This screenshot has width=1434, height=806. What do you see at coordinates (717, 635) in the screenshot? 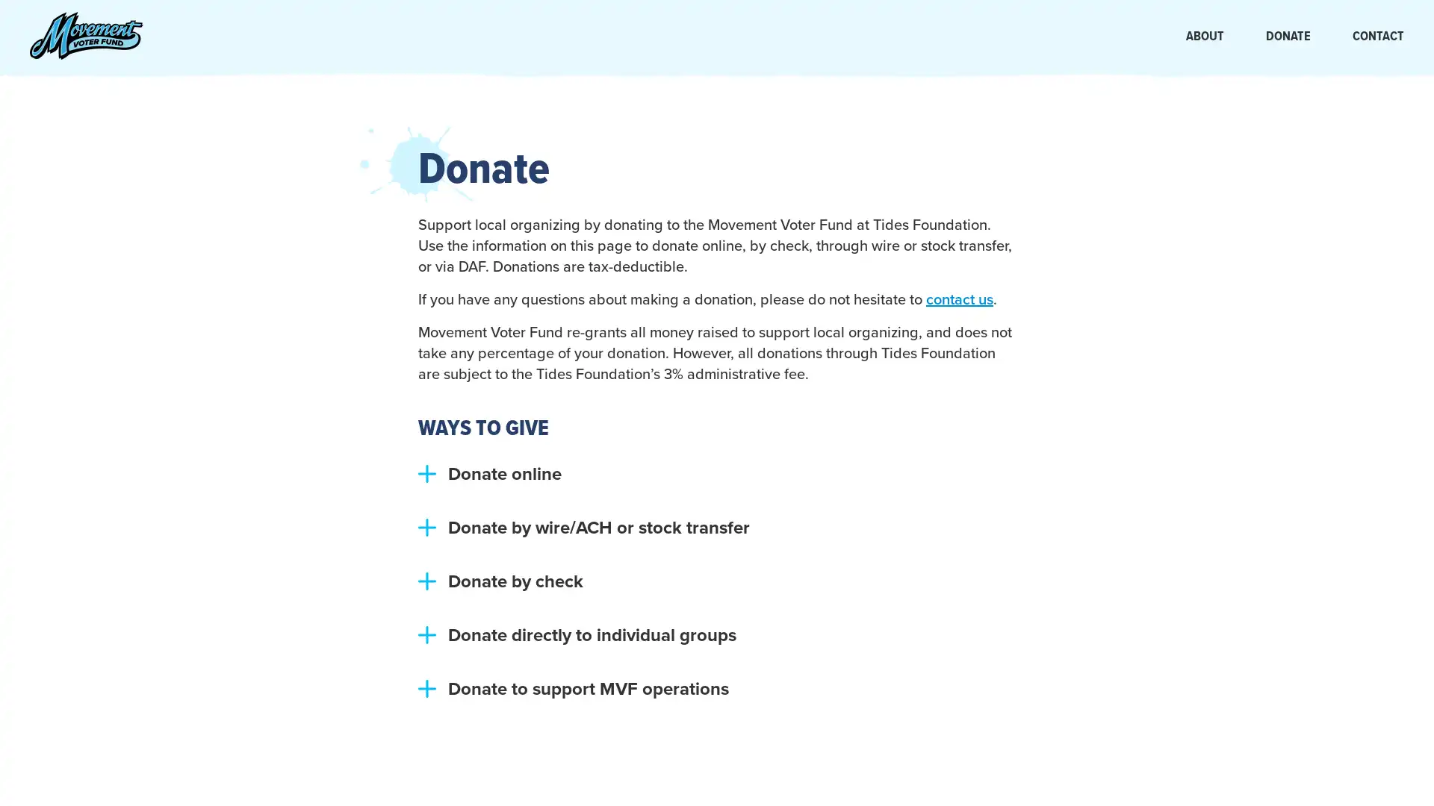
I see `plus Donate directly to individual groups` at bounding box center [717, 635].